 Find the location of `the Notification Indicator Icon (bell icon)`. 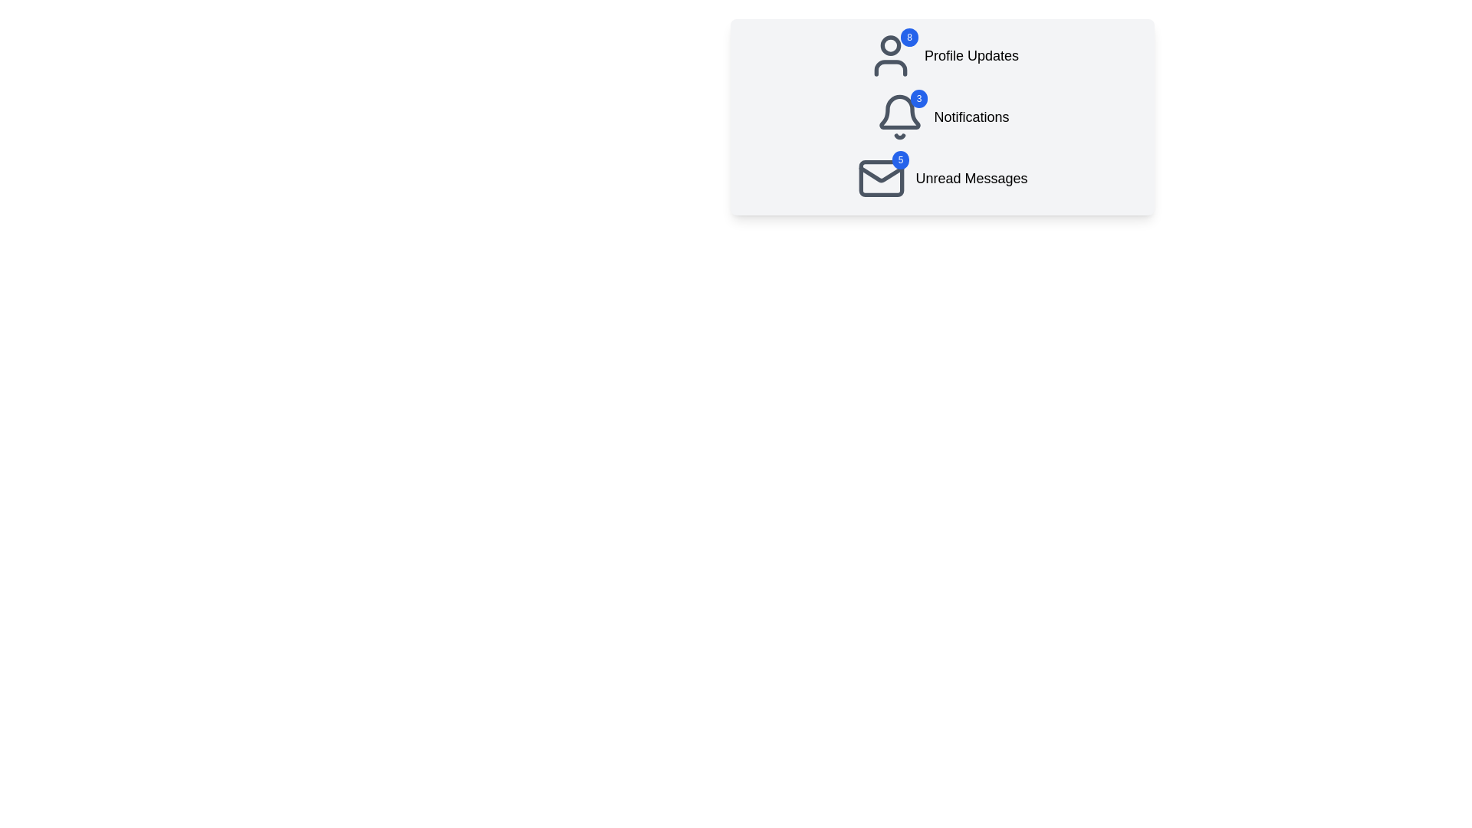

the Notification Indicator Icon (bell icon) is located at coordinates (900, 117).